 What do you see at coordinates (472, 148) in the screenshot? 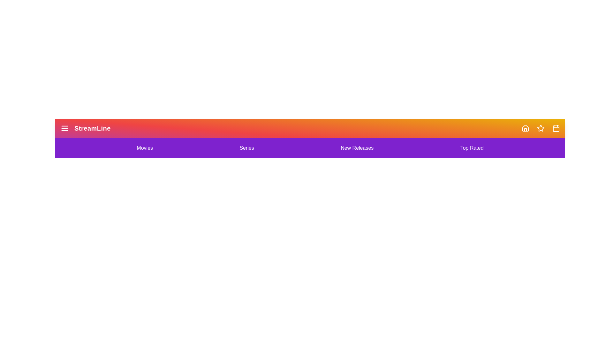
I see `the Top Rated navigation link` at bounding box center [472, 148].